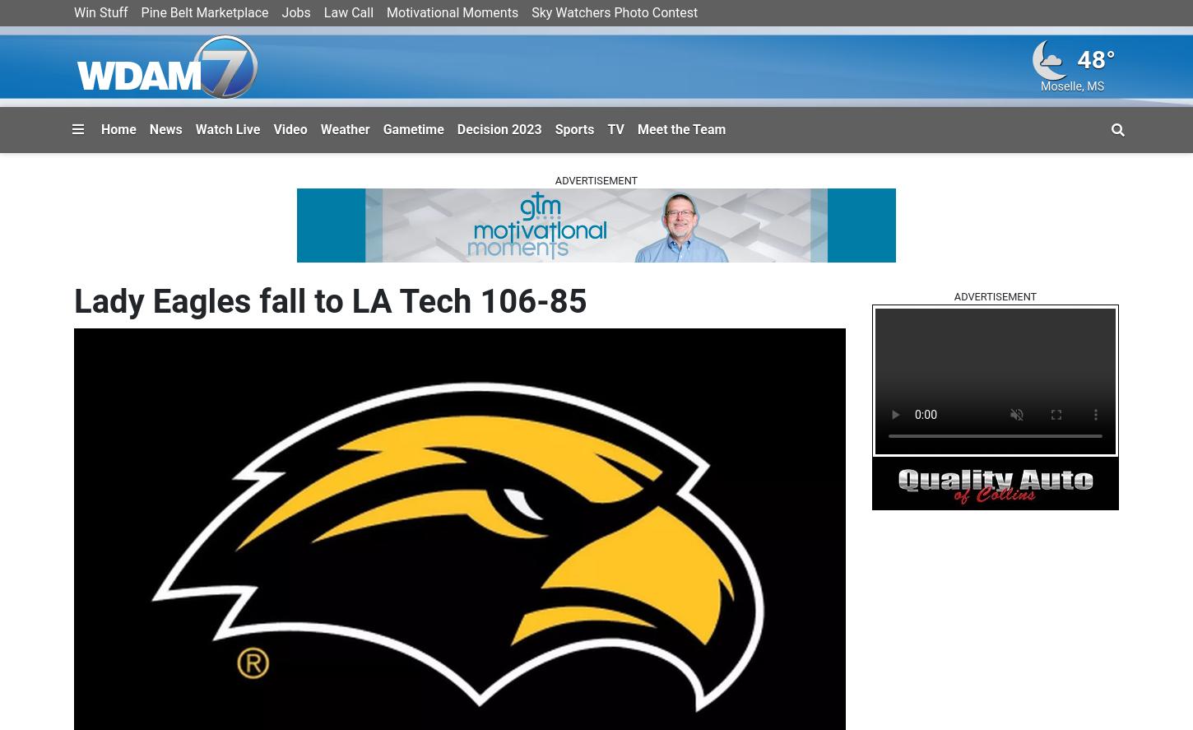 The image size is (1193, 730). I want to click on 'Law Call', so click(347, 12).